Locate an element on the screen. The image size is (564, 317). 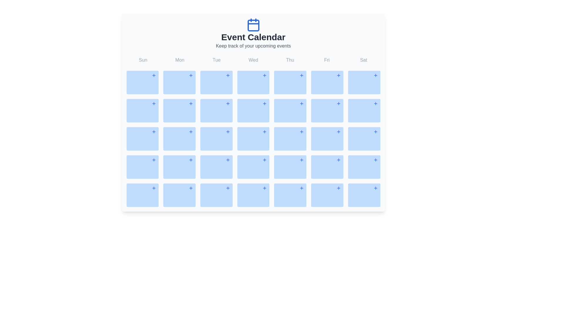
the small blue button with a plus icon located at the top-right corner of the Saturday day cell in the calendar interface is located at coordinates (375, 103).